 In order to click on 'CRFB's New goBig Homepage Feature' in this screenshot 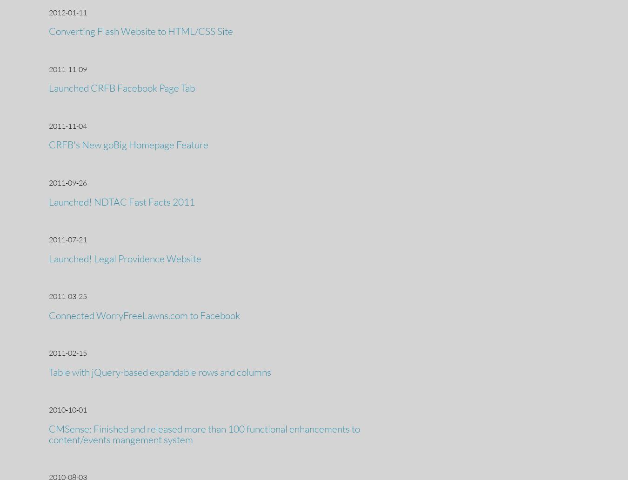, I will do `click(128, 145)`.